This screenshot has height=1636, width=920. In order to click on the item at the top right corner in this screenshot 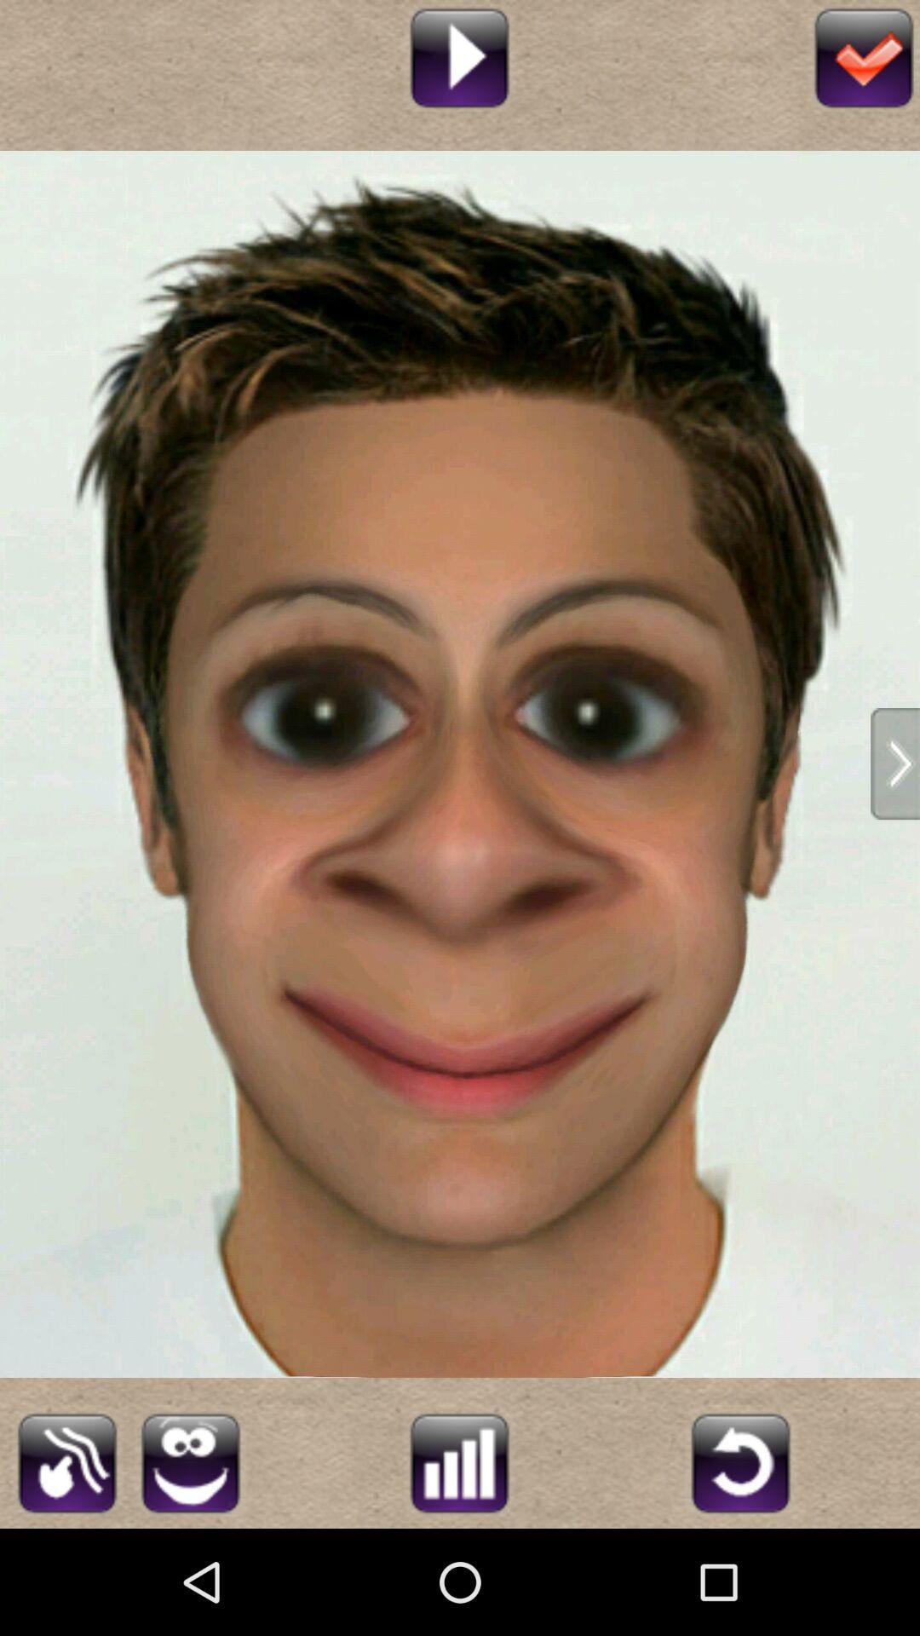, I will do `click(864, 55)`.